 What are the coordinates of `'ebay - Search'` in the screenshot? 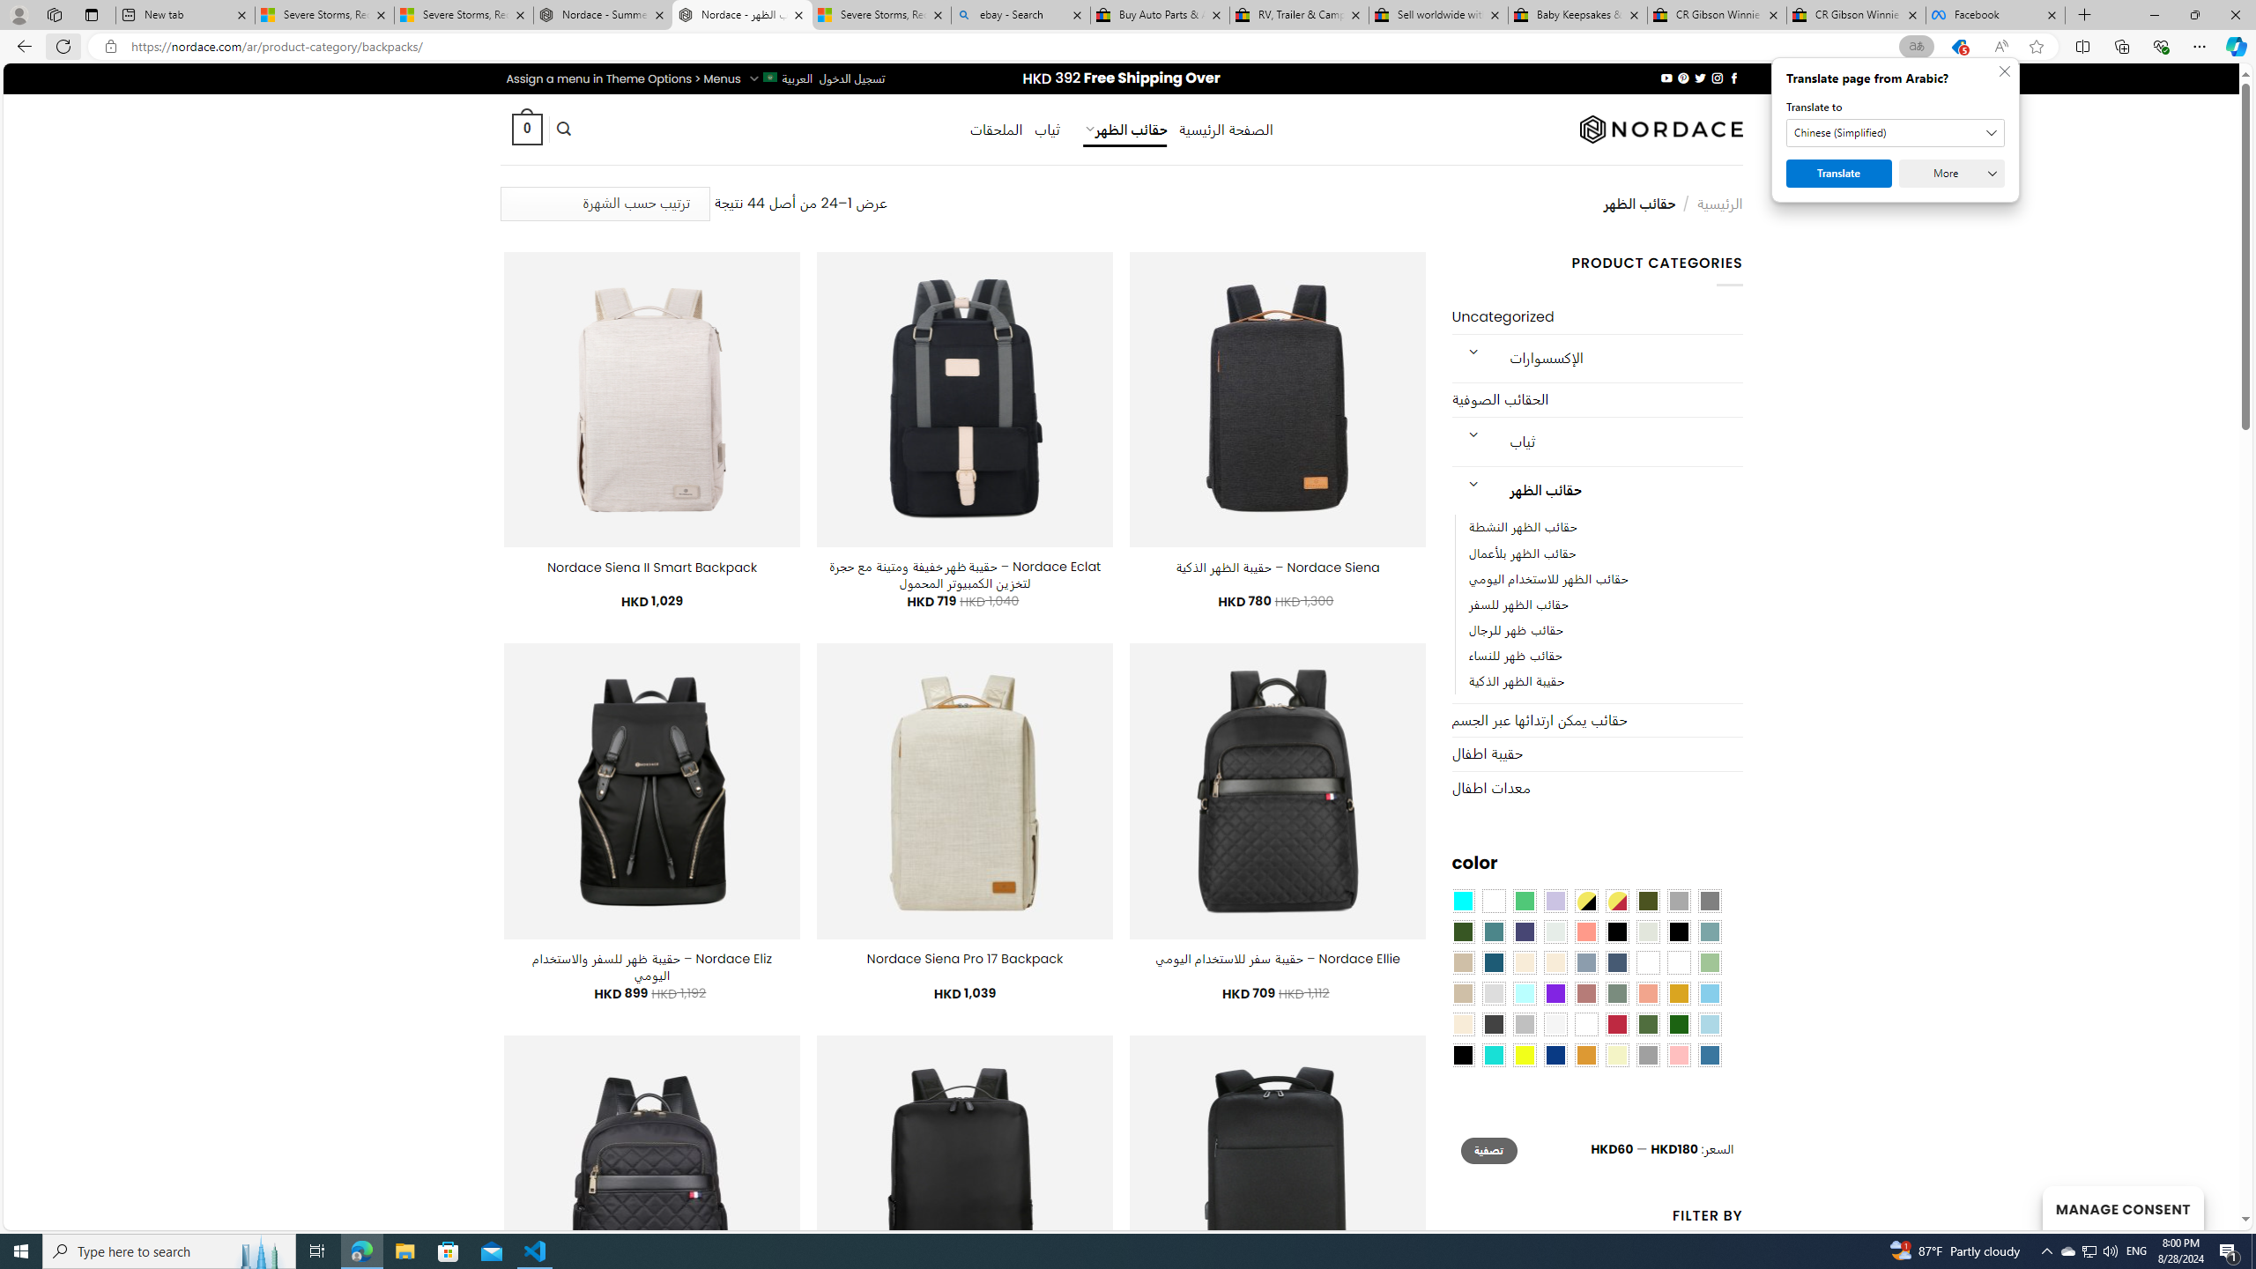 It's located at (1020, 14).